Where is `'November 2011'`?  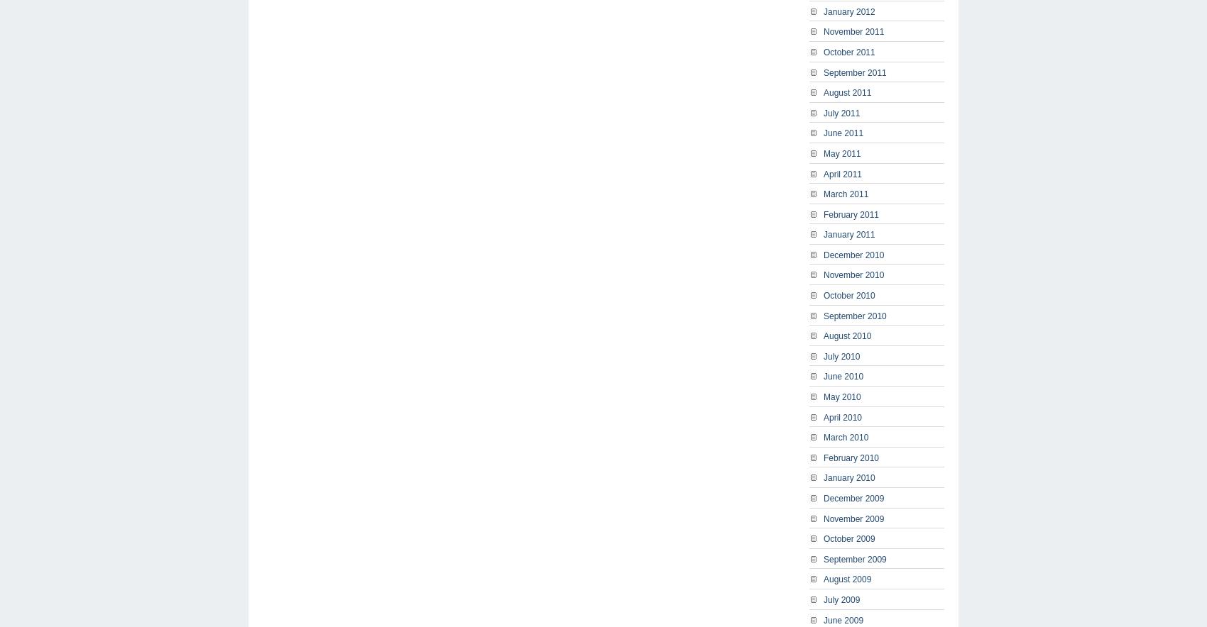
'November 2011' is located at coordinates (824, 30).